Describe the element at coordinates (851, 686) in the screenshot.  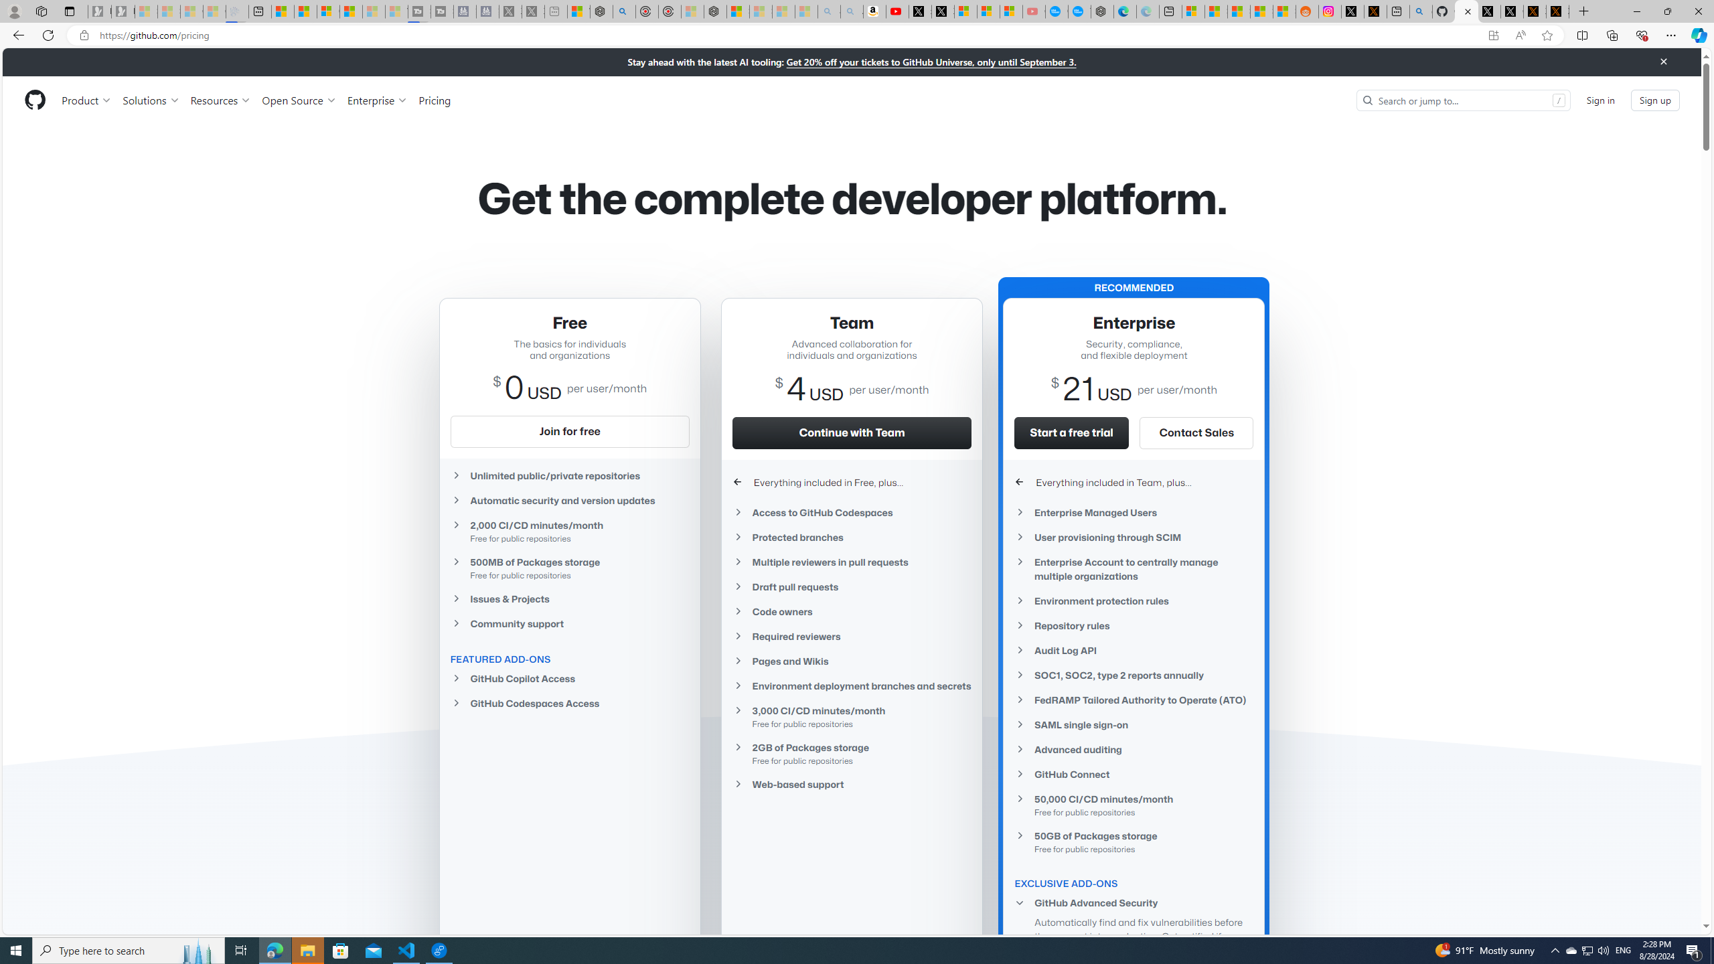
I see `'Environment deployment branches and secrets'` at that location.